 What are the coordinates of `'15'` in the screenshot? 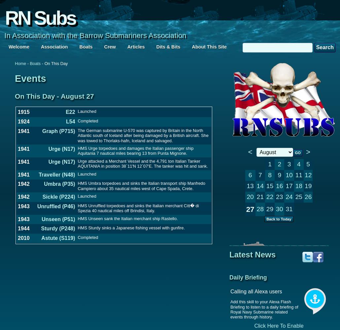 It's located at (269, 185).